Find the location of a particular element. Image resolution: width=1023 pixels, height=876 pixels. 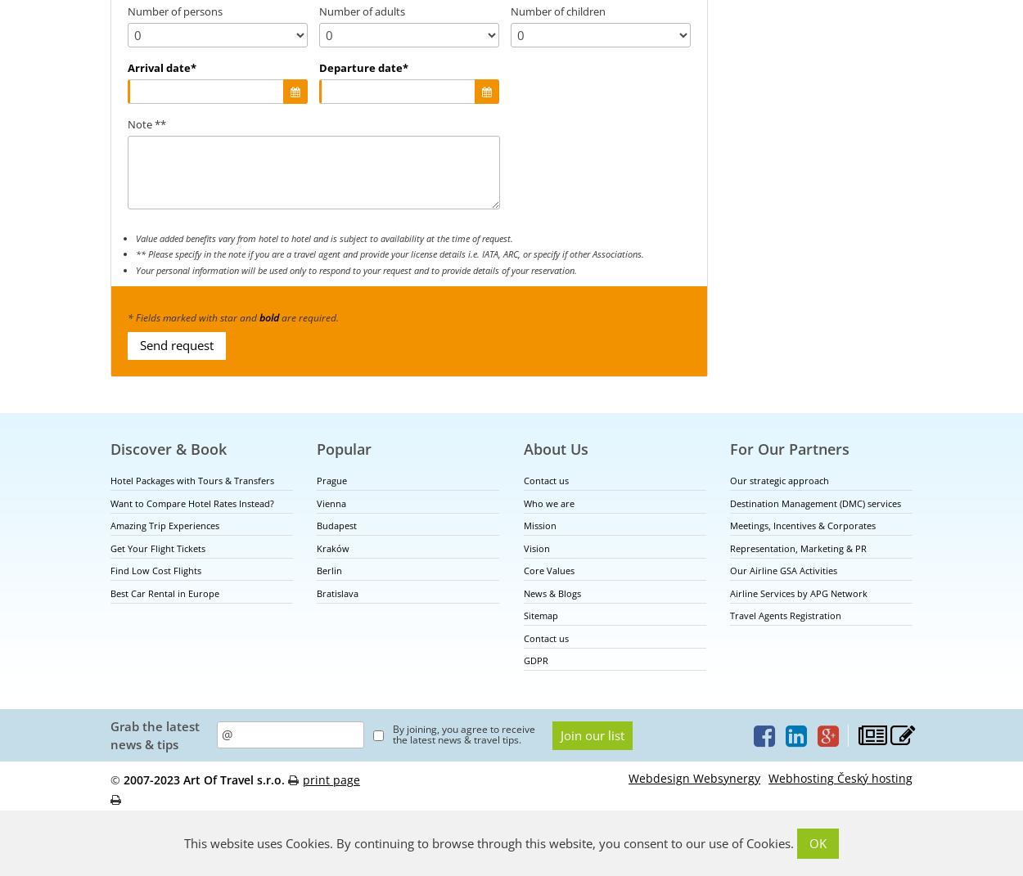

'Destination Management (DMC) services' is located at coordinates (813, 501).